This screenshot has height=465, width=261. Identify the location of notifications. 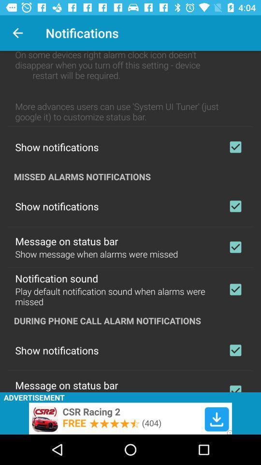
(235, 147).